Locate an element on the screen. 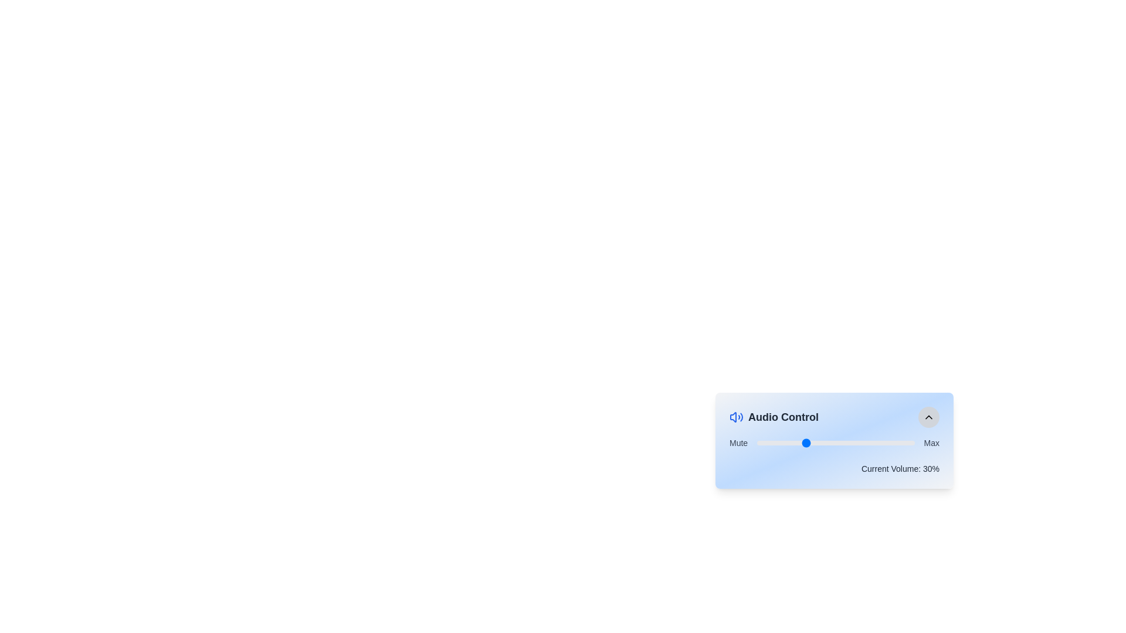 The height and width of the screenshot is (633, 1126). the audio control icon resembling a speaker with sound waves design located next to the 'Audio Control' heading to focus on it is located at coordinates (732, 417).